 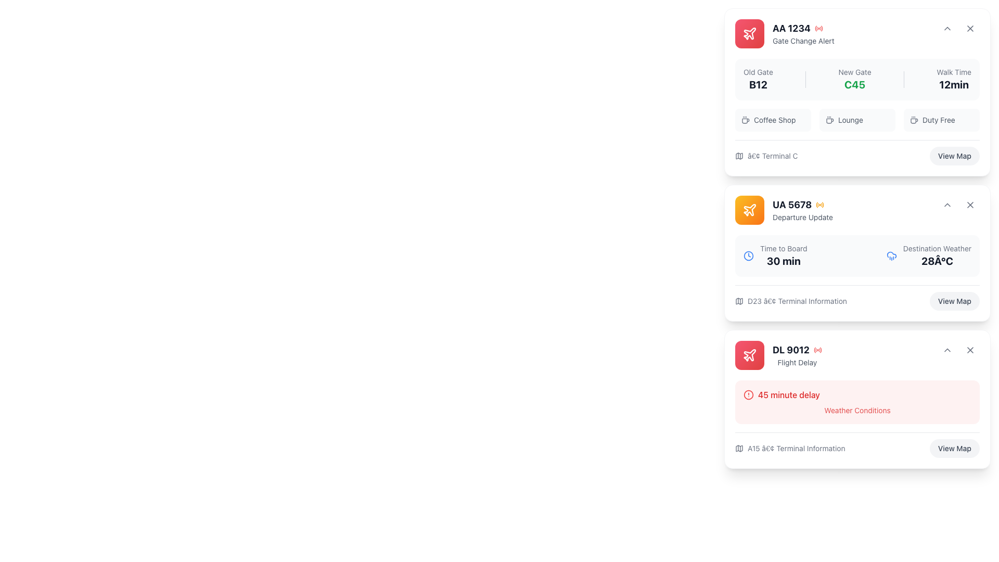 I want to click on information displayed in the text component showing '30 min' below the flight title for flight 'UA 5678', so click(x=784, y=256).